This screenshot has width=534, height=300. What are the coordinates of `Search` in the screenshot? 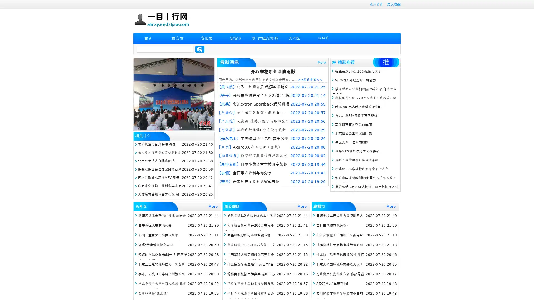 It's located at (200, 49).